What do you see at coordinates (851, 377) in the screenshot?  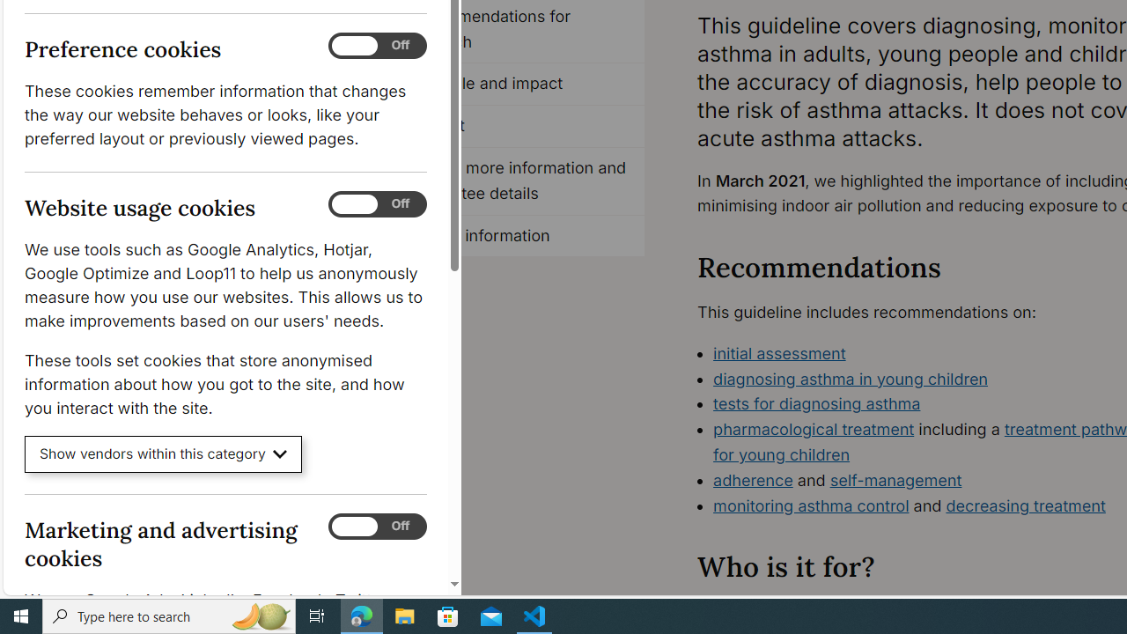 I see `'diagnosing asthma in young children'` at bounding box center [851, 377].